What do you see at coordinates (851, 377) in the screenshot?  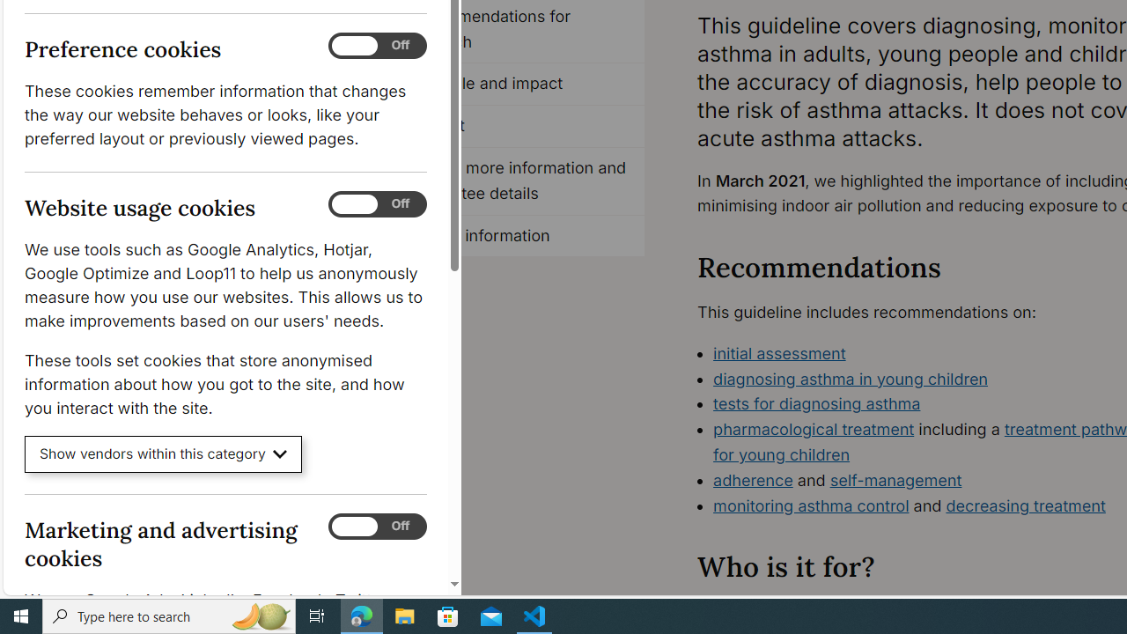 I see `'diagnosing asthma in young children'` at bounding box center [851, 377].